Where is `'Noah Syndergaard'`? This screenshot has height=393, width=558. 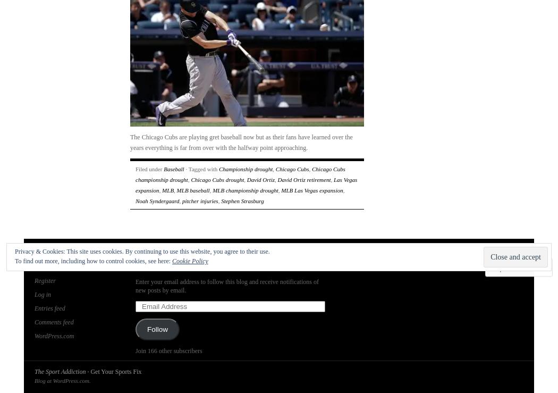
'Noah Syndergaard' is located at coordinates (156, 200).